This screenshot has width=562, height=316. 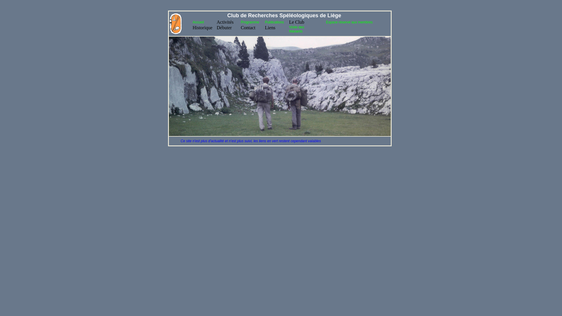 What do you see at coordinates (250, 22) in the screenshot?
I see `'Programme'` at bounding box center [250, 22].